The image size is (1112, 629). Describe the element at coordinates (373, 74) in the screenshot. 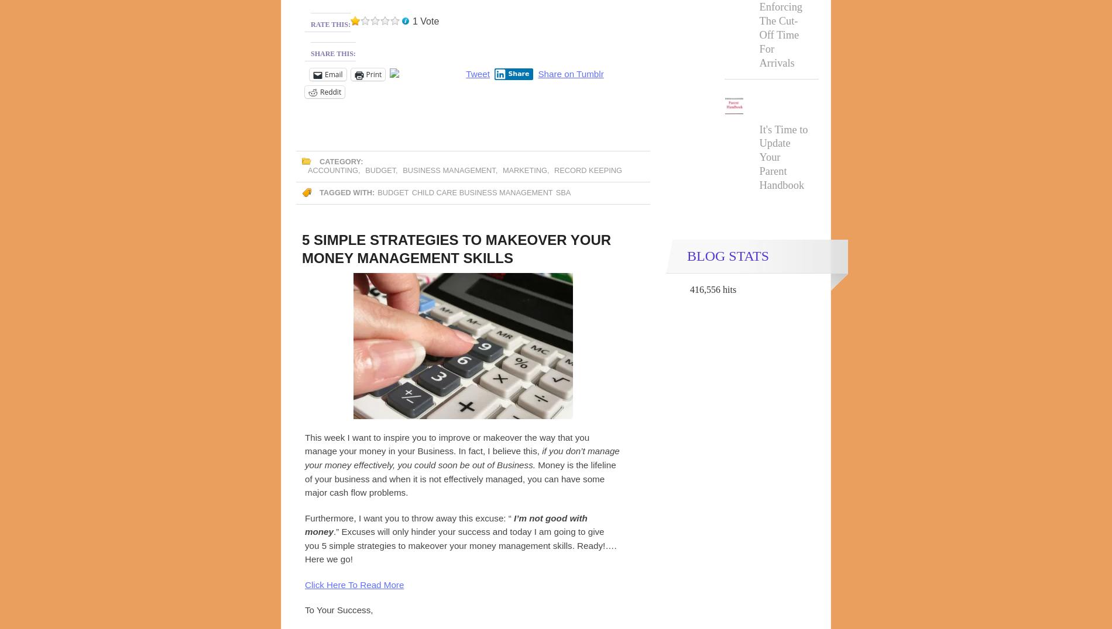

I see `'Print'` at that location.